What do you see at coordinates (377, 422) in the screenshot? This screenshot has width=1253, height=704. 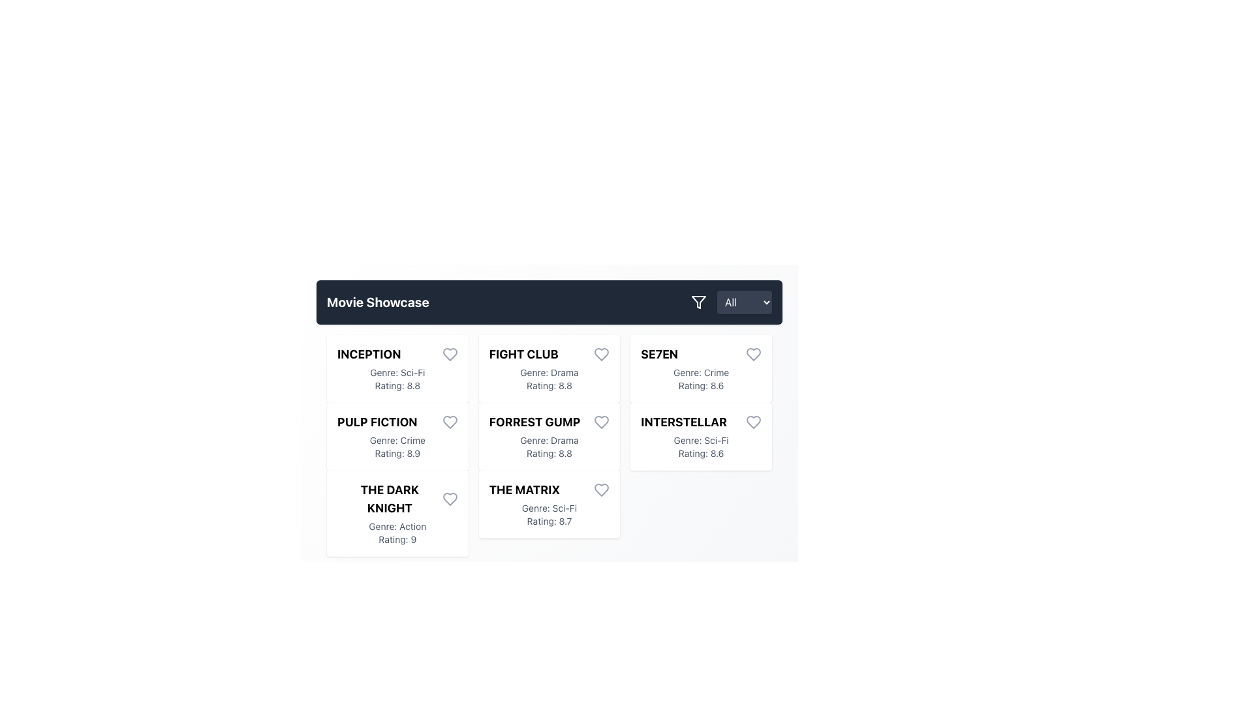 I see `the text label displaying the title of the movie 'Pulp Fiction', located in the second row, first column of the grid layout` at bounding box center [377, 422].